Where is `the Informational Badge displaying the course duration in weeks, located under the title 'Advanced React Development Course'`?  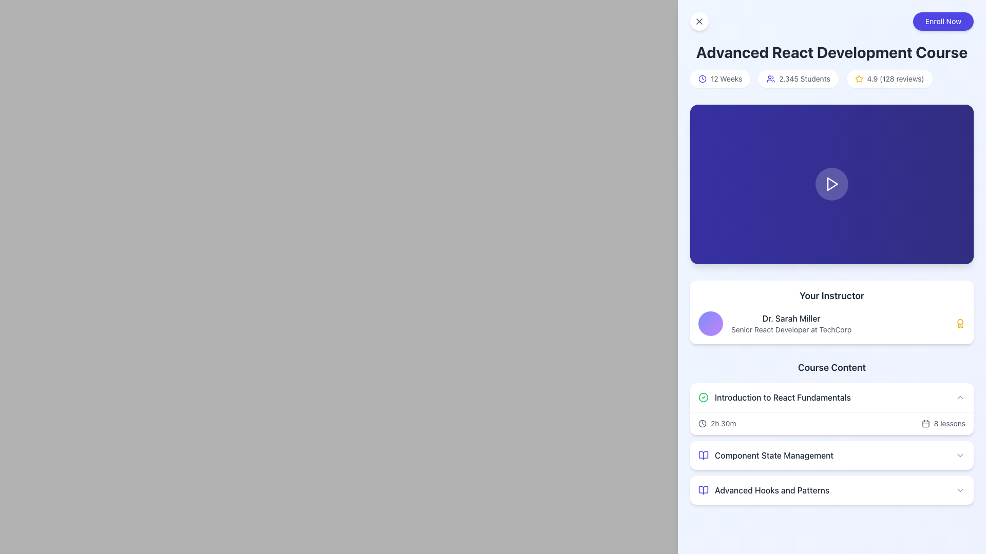 the Informational Badge displaying the course duration in weeks, located under the title 'Advanced React Development Course' is located at coordinates (719, 78).